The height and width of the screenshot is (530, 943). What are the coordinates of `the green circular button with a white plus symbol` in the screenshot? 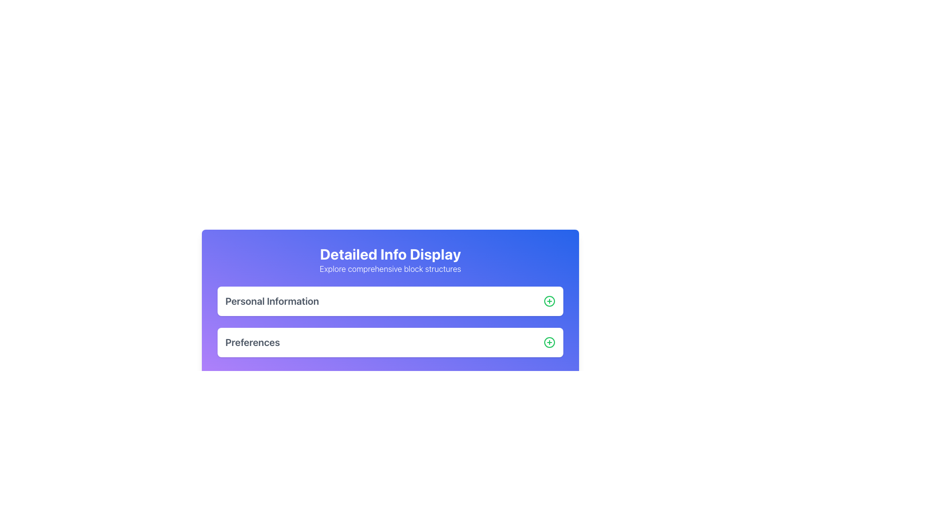 It's located at (549, 342).